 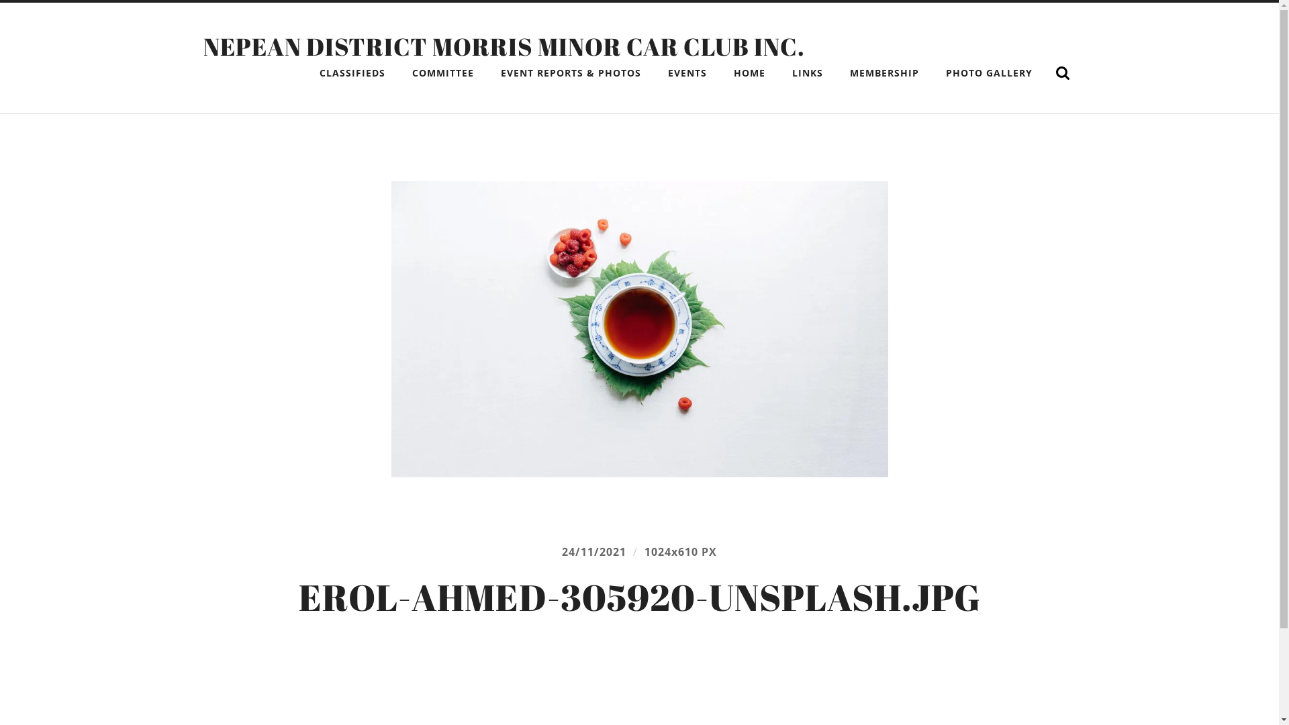 What do you see at coordinates (806, 72) in the screenshot?
I see `'LINKS'` at bounding box center [806, 72].